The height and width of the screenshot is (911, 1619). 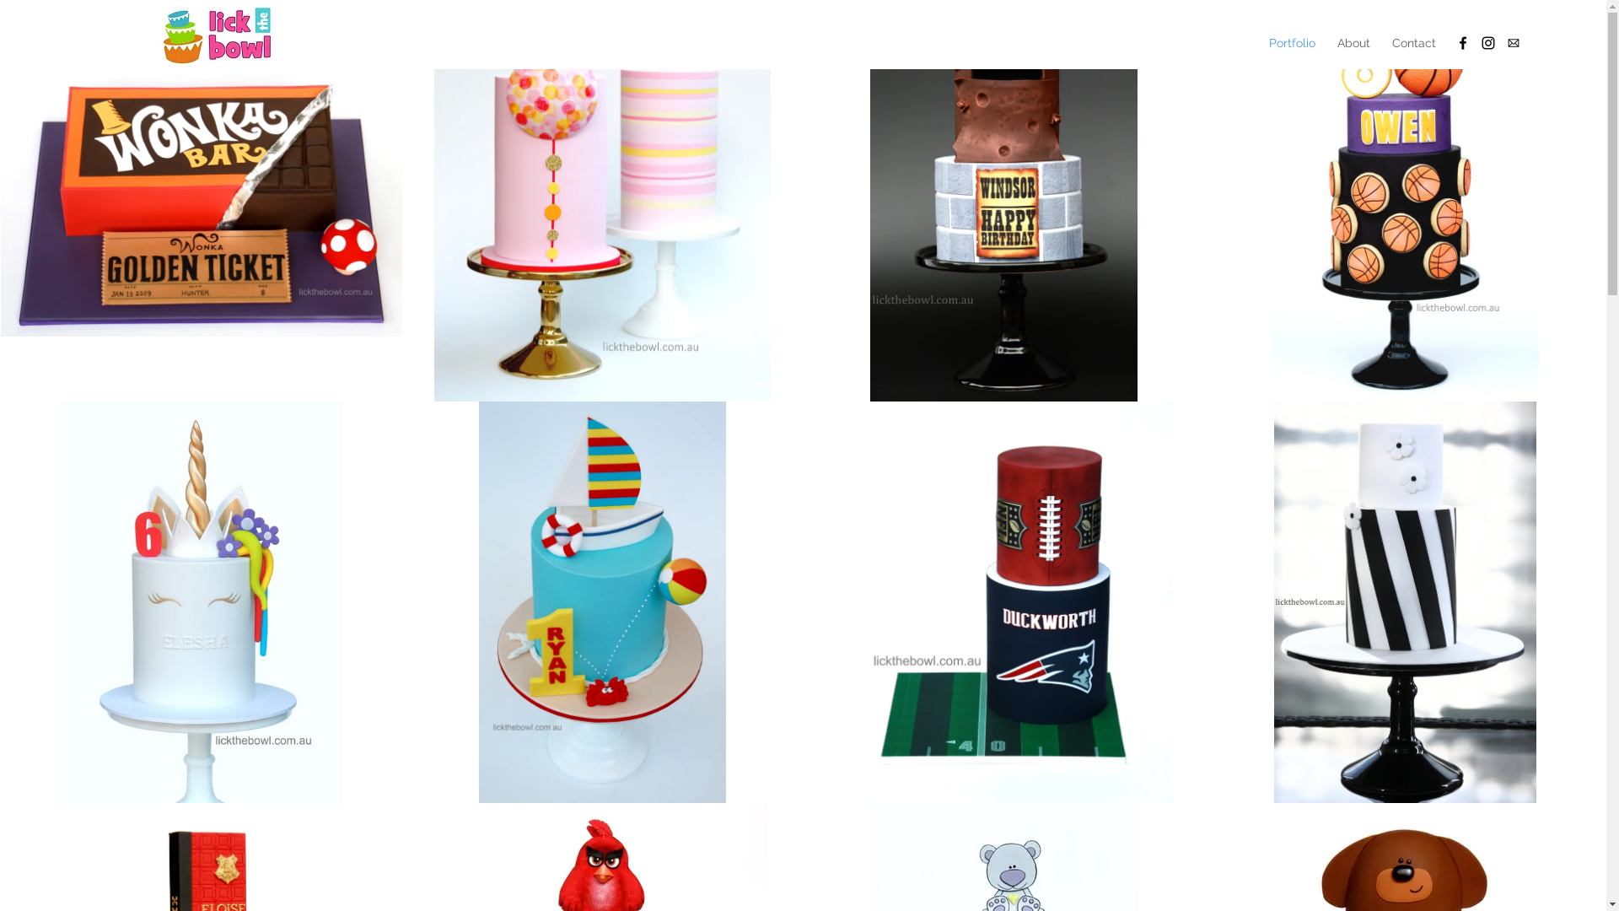 I want to click on 'Portfolio', so click(x=1291, y=41).